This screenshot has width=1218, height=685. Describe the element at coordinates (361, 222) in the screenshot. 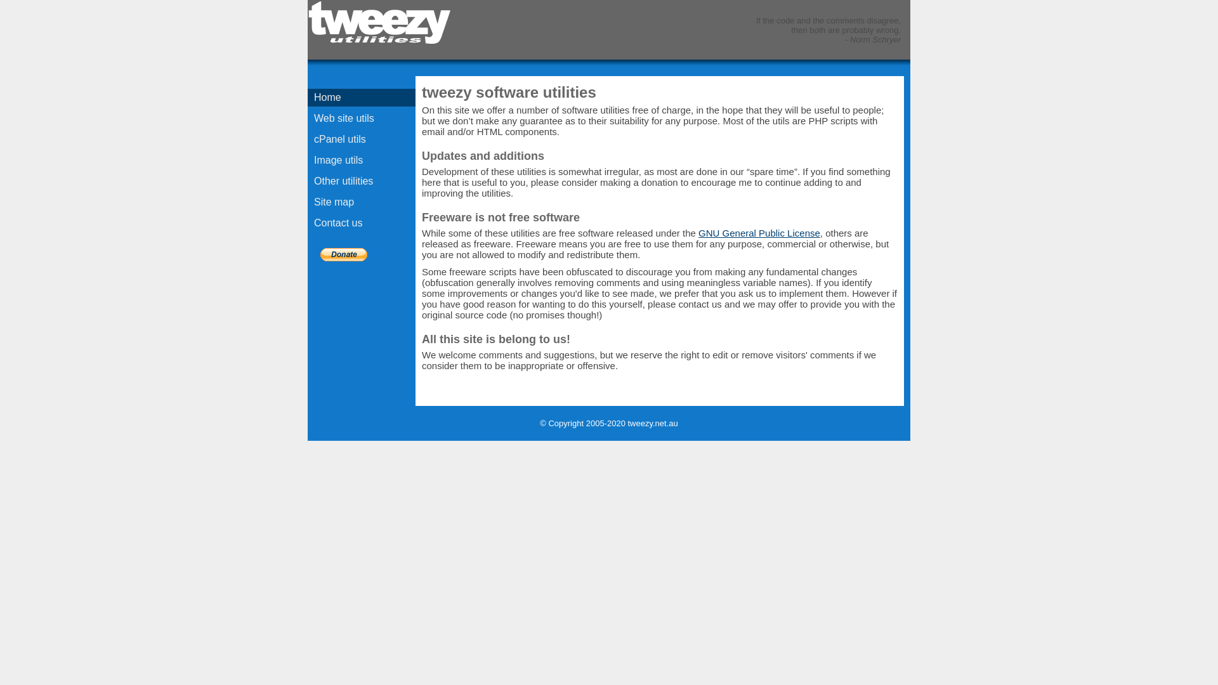

I see `'Contact us'` at that location.